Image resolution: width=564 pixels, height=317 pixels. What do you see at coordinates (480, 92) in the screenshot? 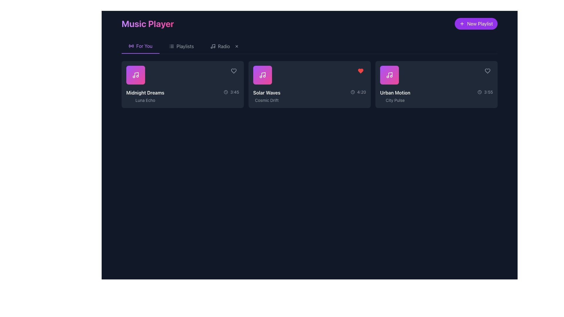
I see `the SVG circle element that represents the clock's outline located in the center of the third music card at the bottom-right corner of the icon` at bounding box center [480, 92].